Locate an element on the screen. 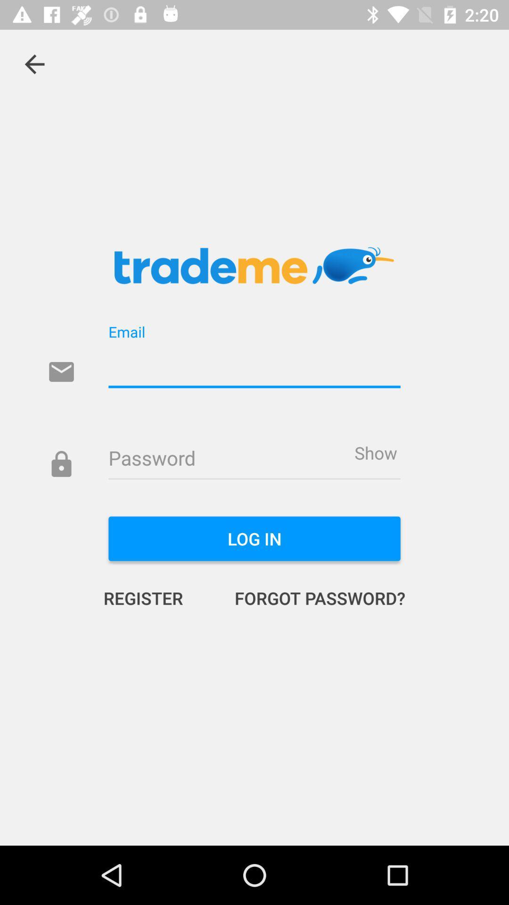  the icon at the top left corner is located at coordinates (34, 64).